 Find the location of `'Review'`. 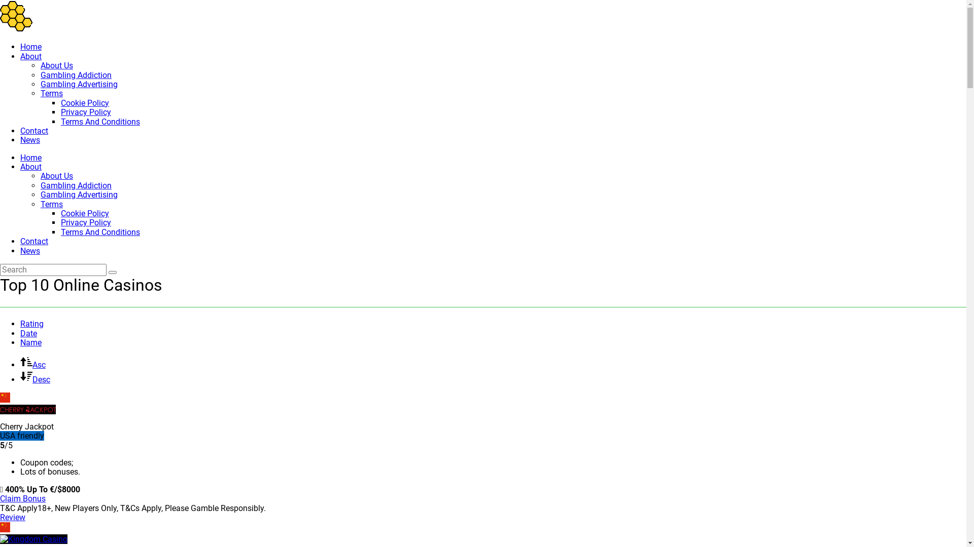

'Review' is located at coordinates (12, 517).